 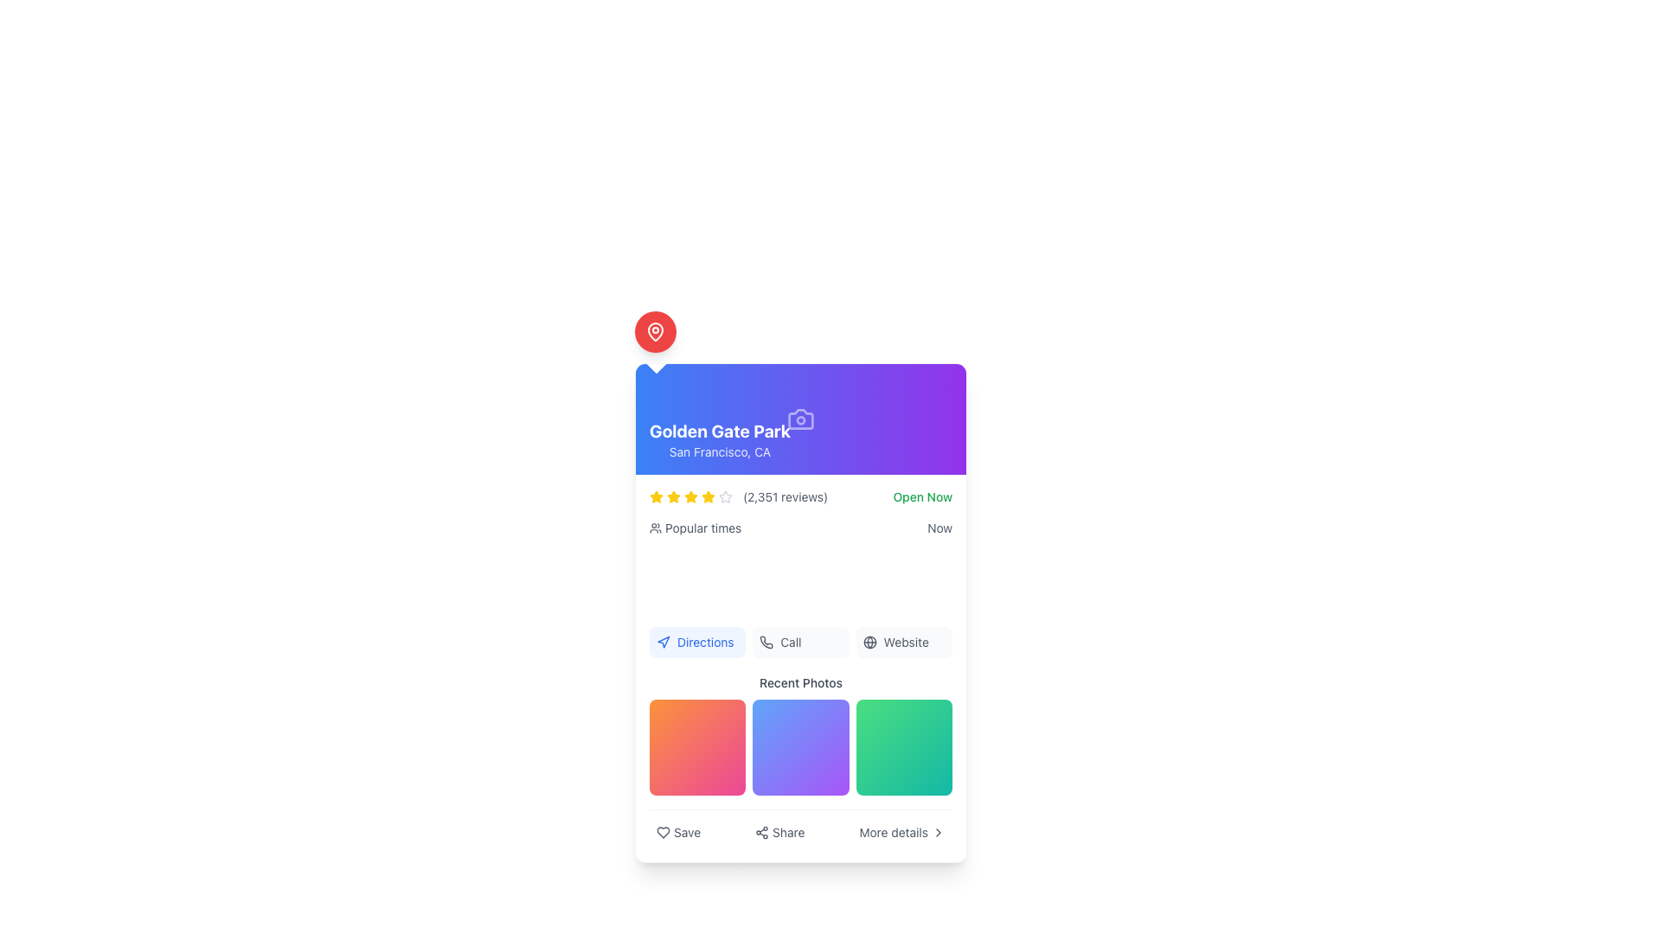 I want to click on the phone receiver icon within the 'Call' button, which is the leftmost icon in a row of buttons below the location card details, so click(x=766, y=643).